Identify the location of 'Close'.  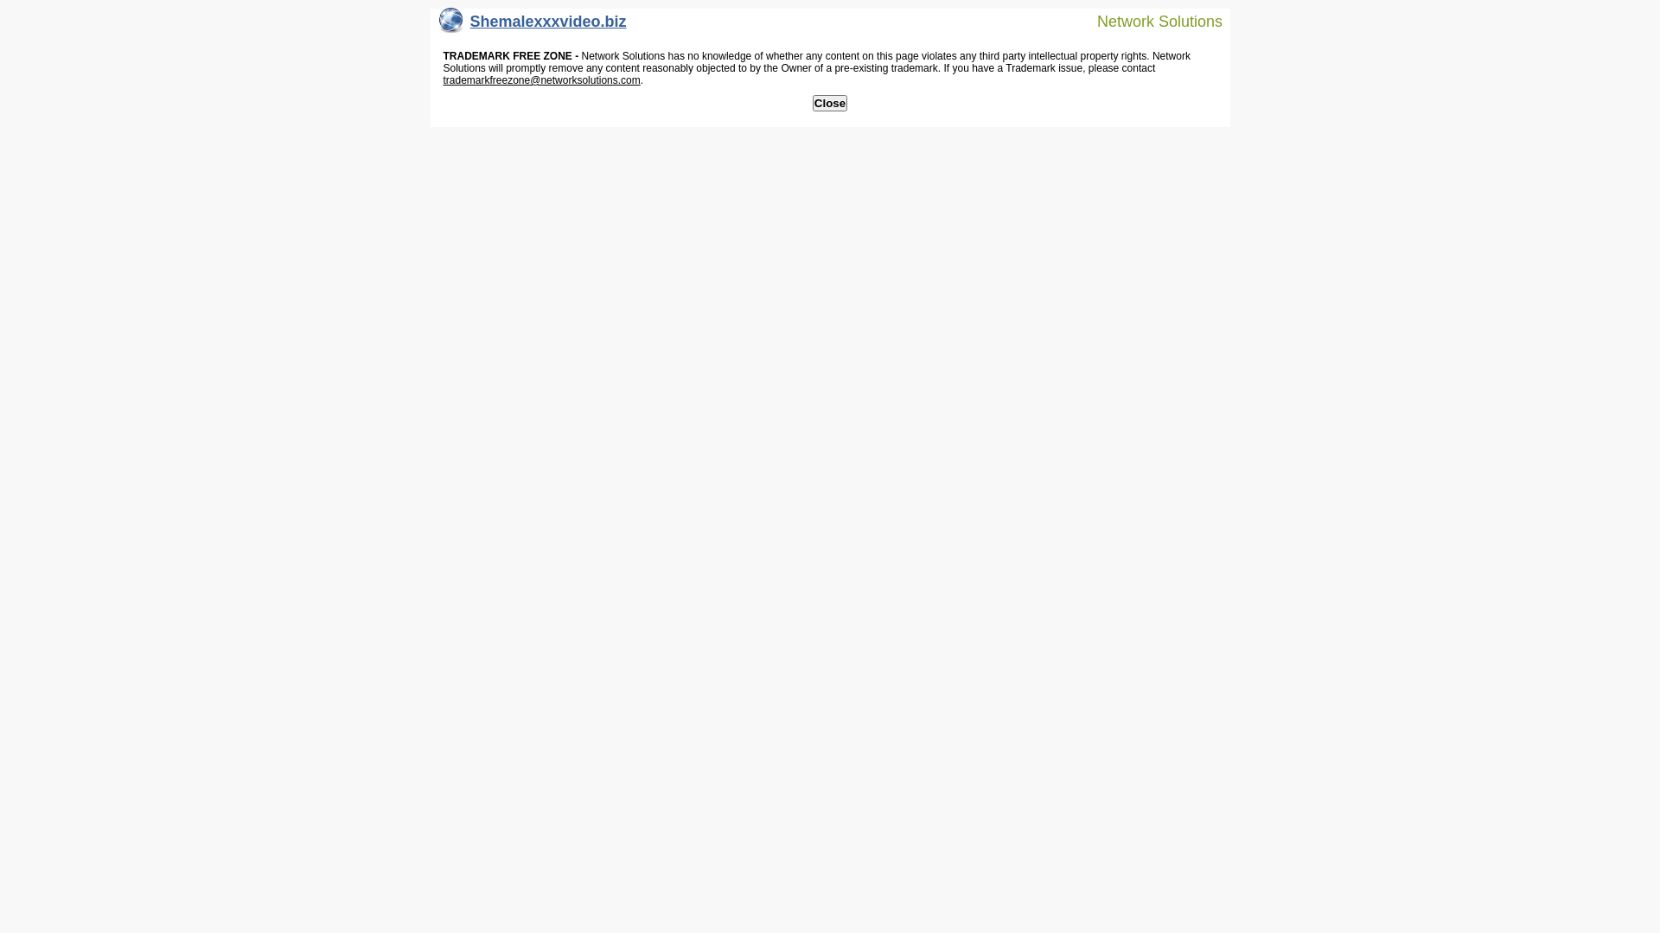
(812, 103).